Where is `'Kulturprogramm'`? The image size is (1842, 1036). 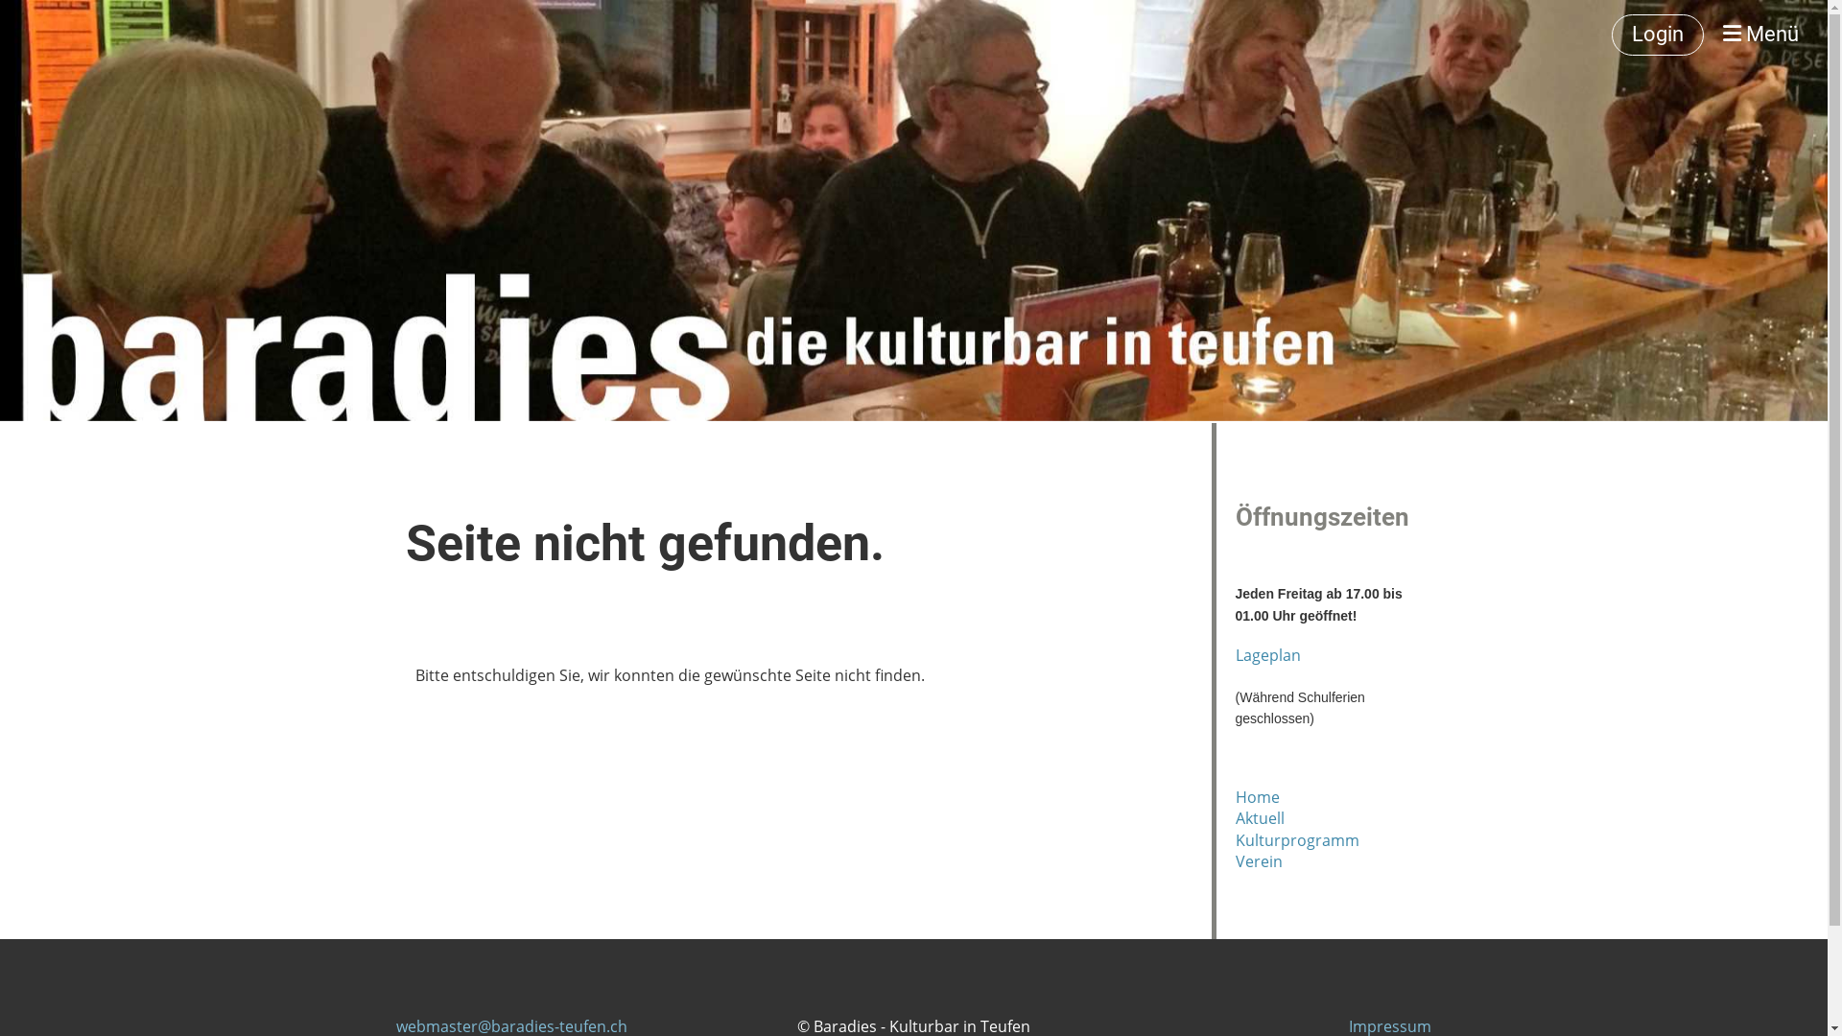 'Kulturprogramm' is located at coordinates (1235, 838).